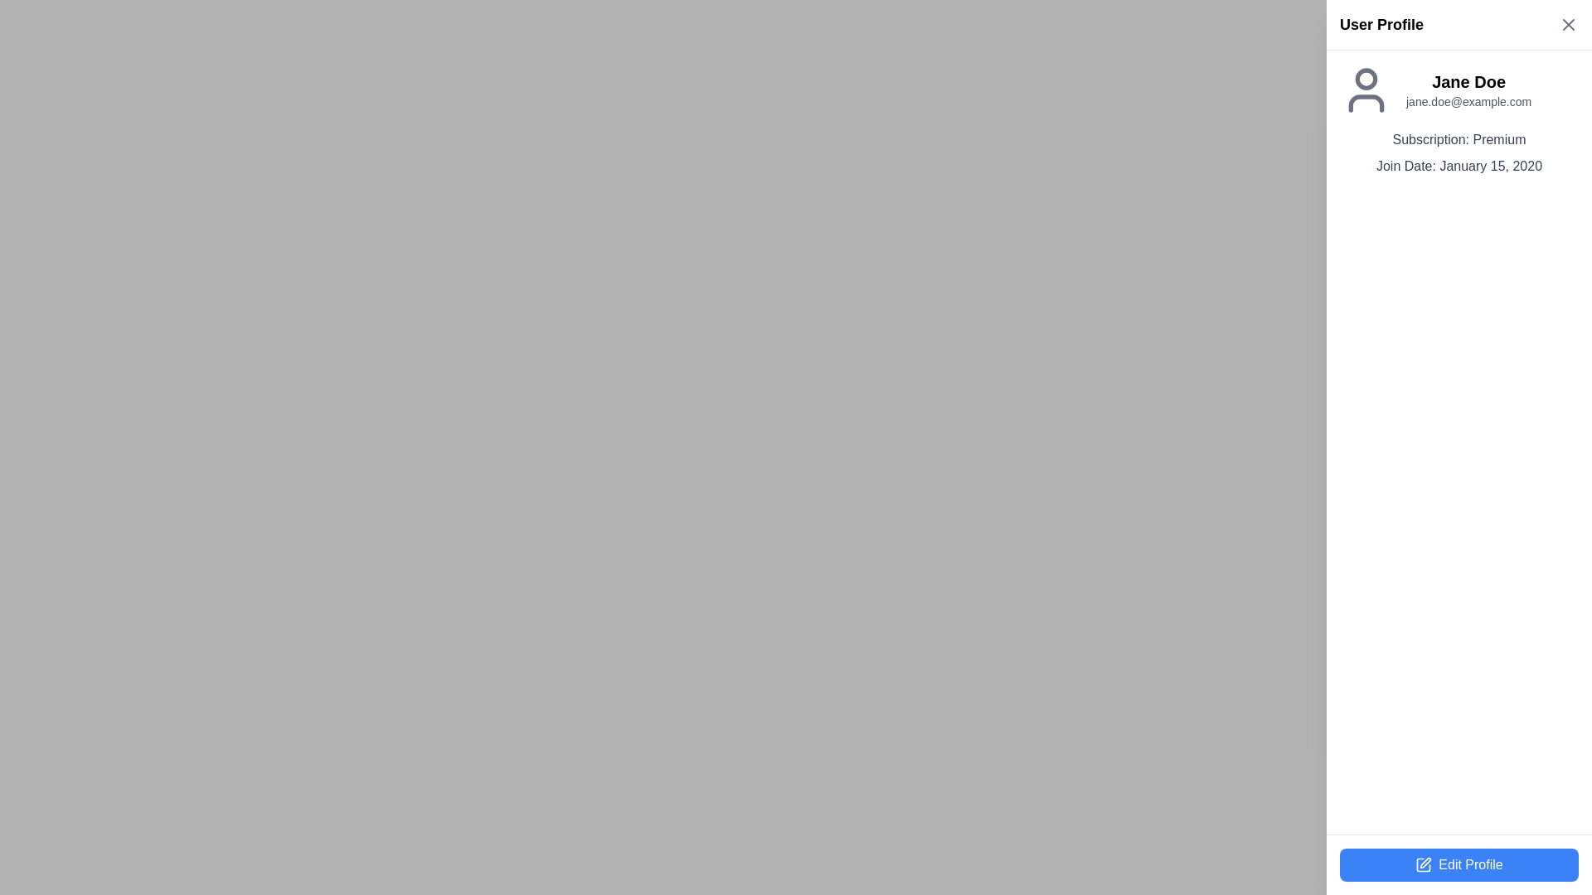 The width and height of the screenshot is (1592, 895). Describe the element at coordinates (1366, 79) in the screenshot. I see `the SVG Circle element that forms part of the user profile icon, positioned above the username 'Jane Doe' in the user profile panel` at that location.